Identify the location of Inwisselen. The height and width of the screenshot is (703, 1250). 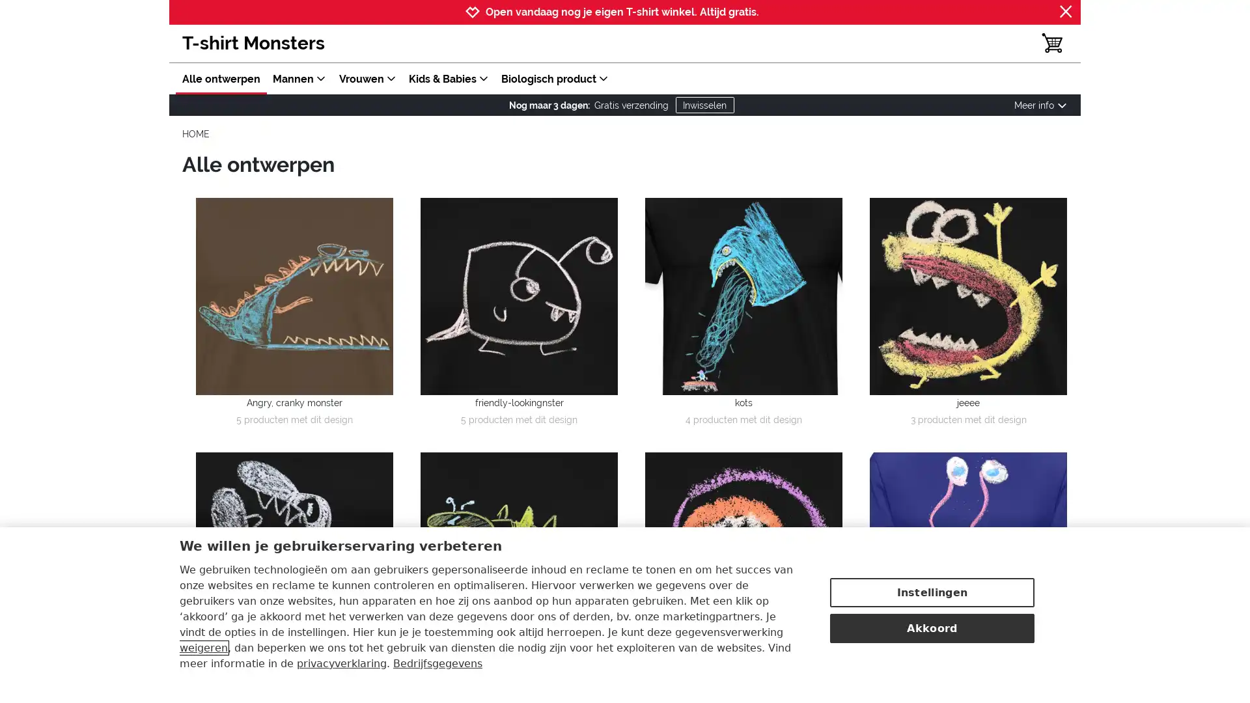
(703, 104).